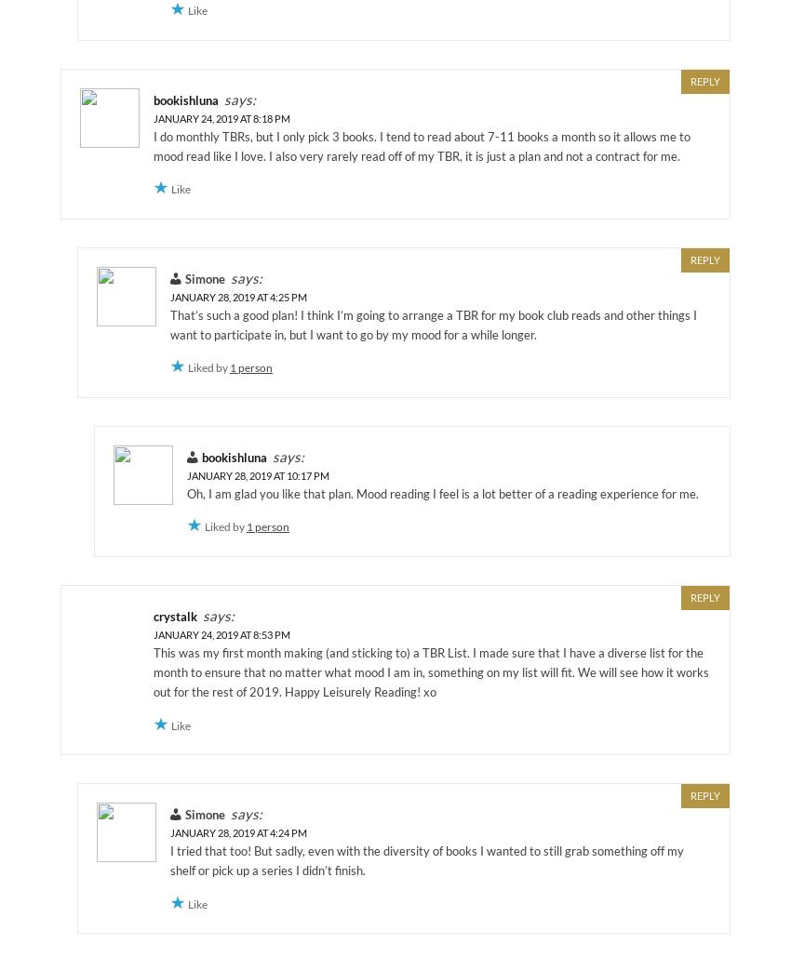 This screenshot has width=791, height=957. What do you see at coordinates (221, 633) in the screenshot?
I see `'January 24, 2019 at 8:53 pm'` at bounding box center [221, 633].